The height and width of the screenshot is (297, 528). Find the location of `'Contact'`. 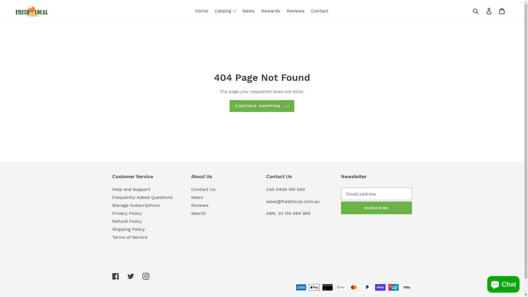

'Contact' is located at coordinates (320, 11).